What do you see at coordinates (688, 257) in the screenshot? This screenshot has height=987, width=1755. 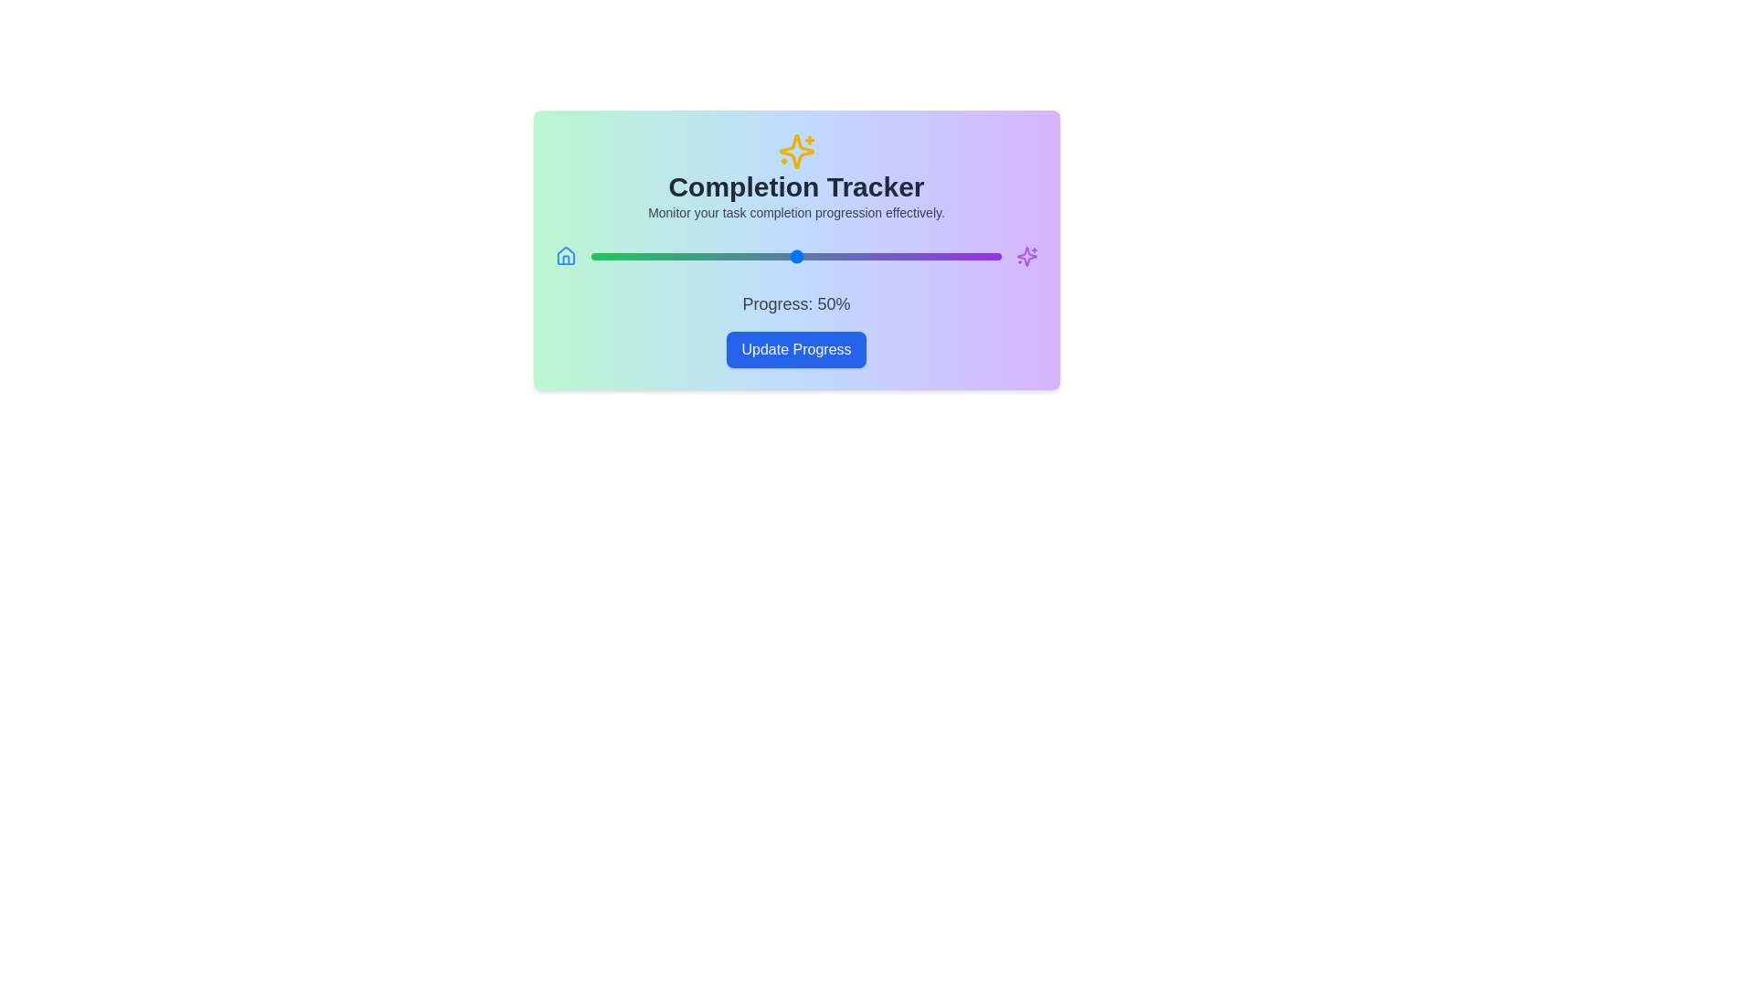 I see `the slider to set progress to 24%` at bounding box center [688, 257].